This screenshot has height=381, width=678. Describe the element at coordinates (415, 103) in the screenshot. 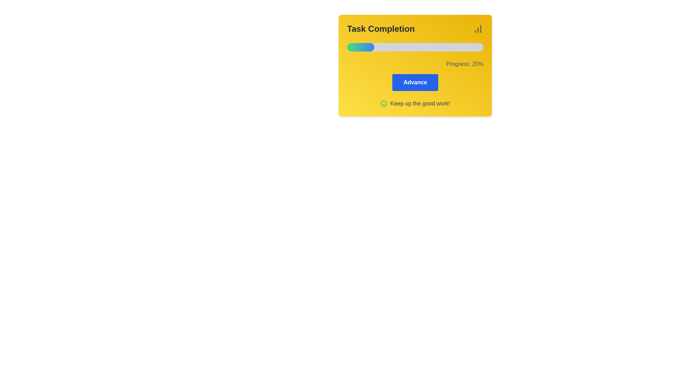

I see `the decorative text element that says 'Keep up the good work!' with a green smiley face icon, located at the bottom-center of the 'Task Completion' card` at that location.